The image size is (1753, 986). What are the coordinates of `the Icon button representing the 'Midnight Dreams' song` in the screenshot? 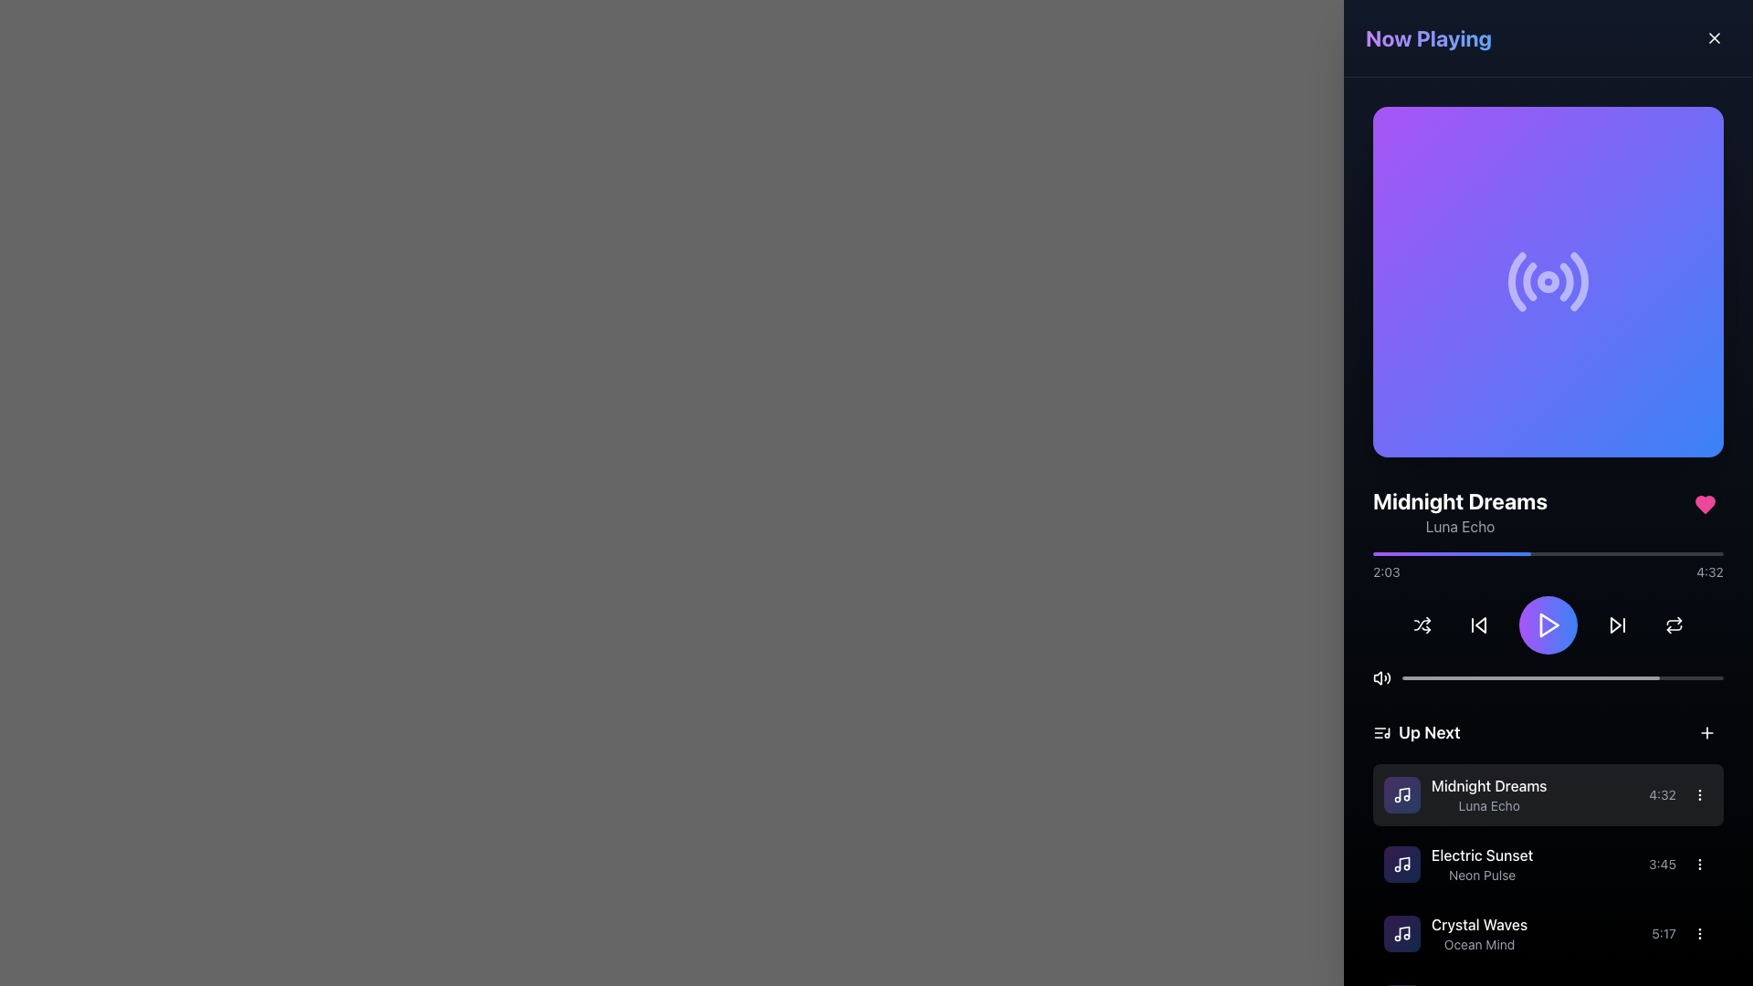 It's located at (1401, 794).